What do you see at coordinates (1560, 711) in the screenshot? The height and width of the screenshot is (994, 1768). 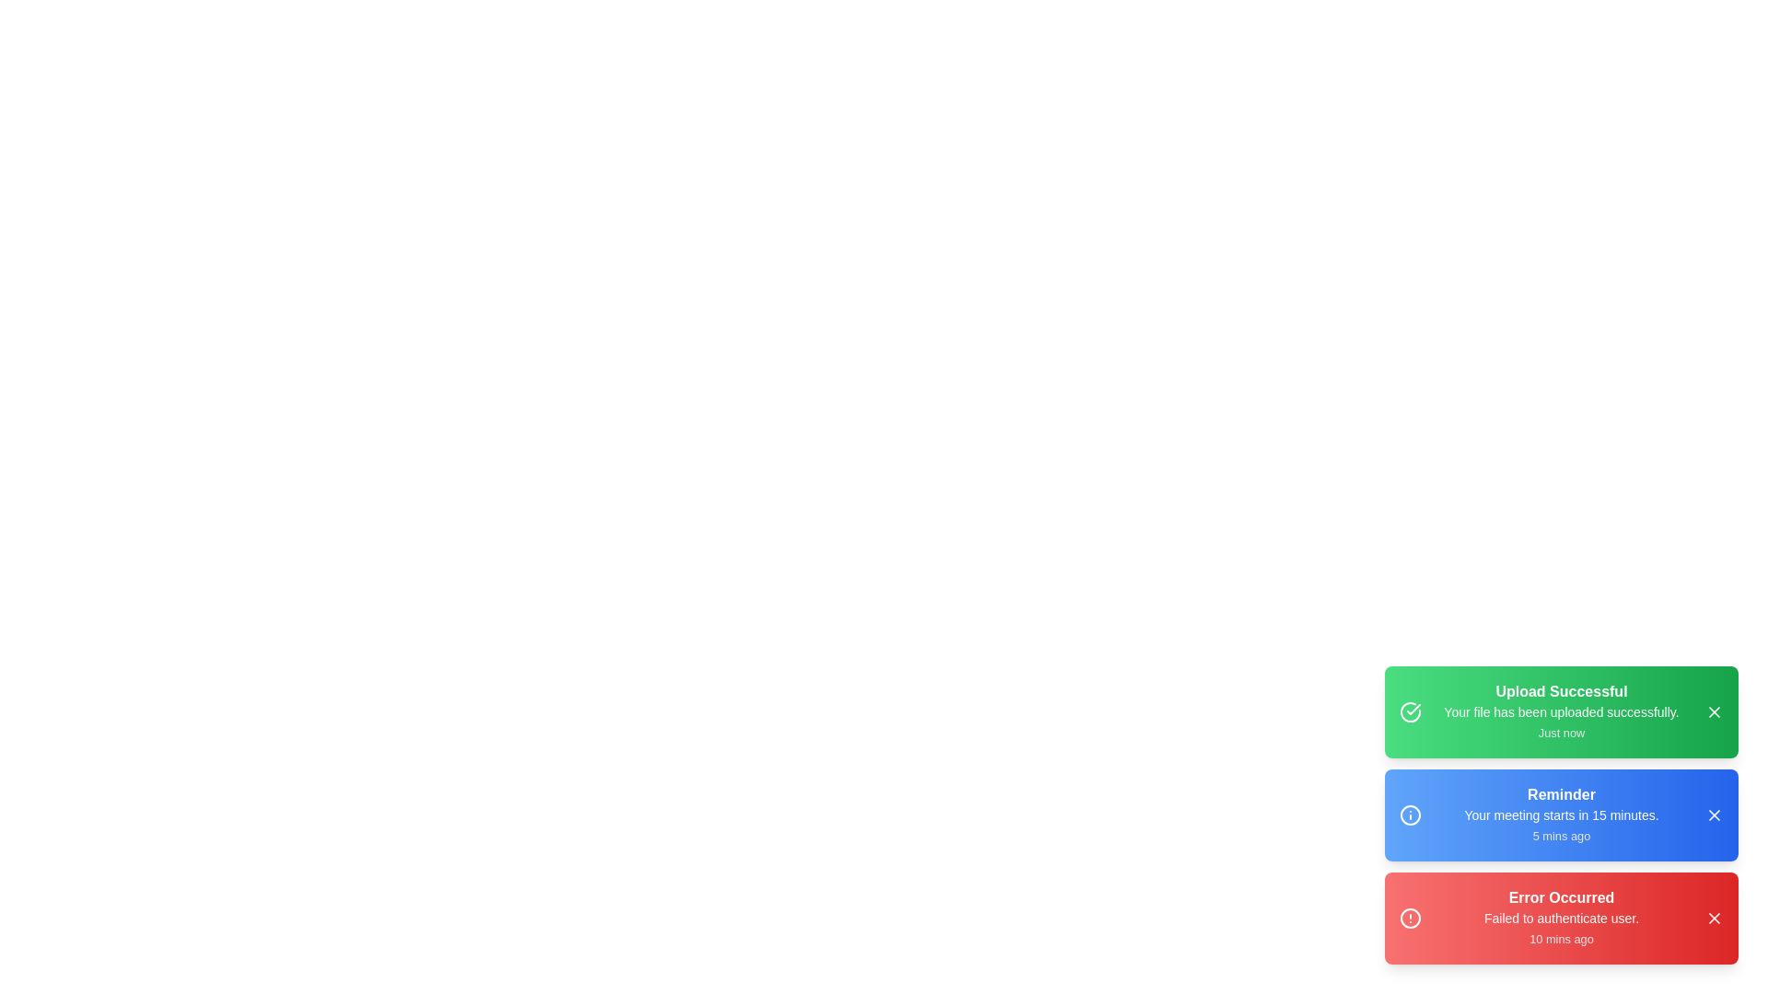 I see `the details of the notification with title Upload Successful` at bounding box center [1560, 711].